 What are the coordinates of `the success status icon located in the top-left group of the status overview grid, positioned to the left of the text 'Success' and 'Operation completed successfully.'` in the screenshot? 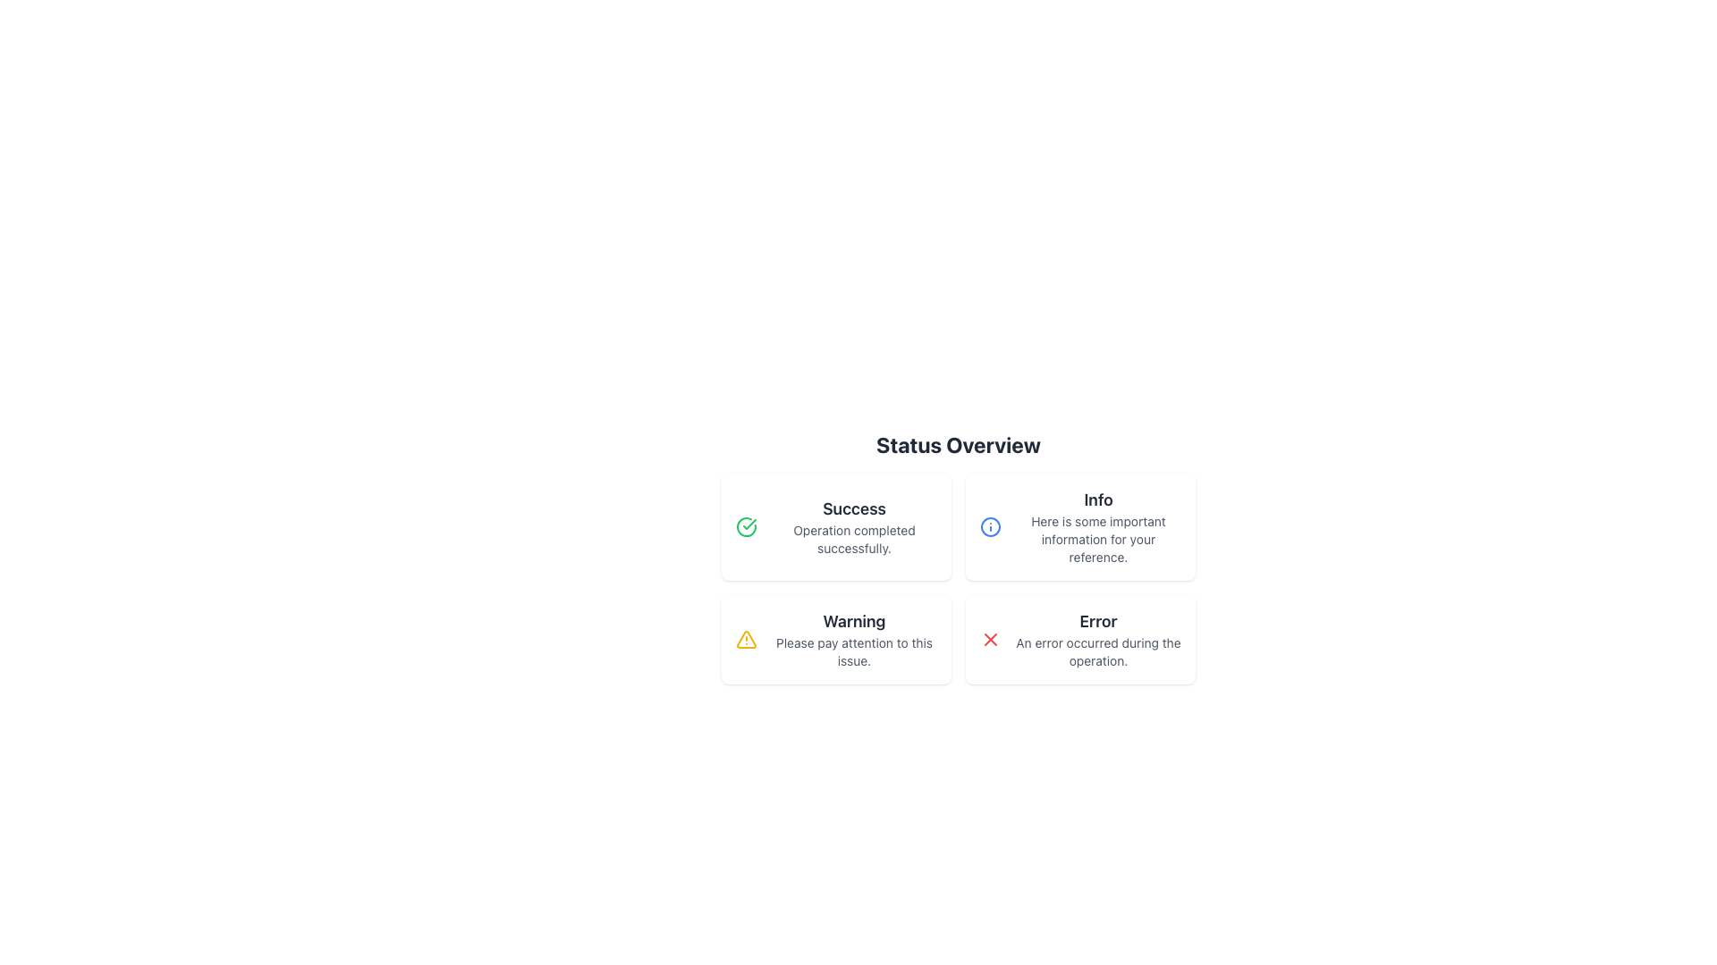 It's located at (747, 526).